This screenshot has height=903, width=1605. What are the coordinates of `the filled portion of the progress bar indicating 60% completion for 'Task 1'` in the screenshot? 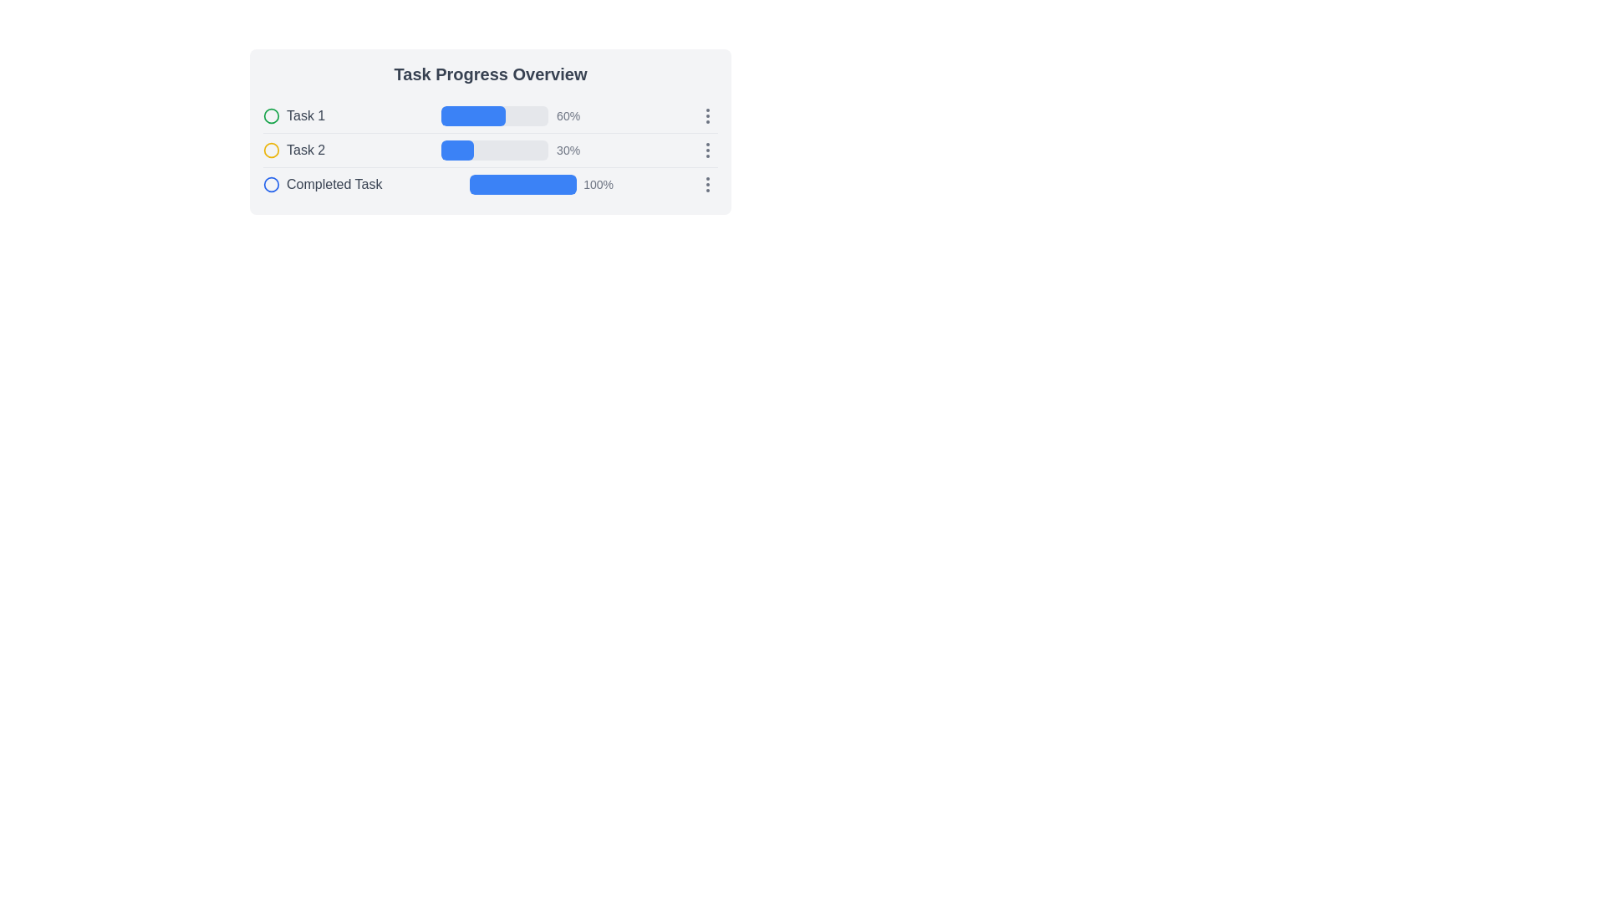 It's located at (472, 115).